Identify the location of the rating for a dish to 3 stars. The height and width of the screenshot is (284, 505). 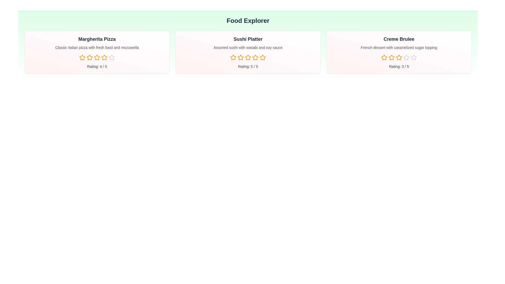
(97, 58).